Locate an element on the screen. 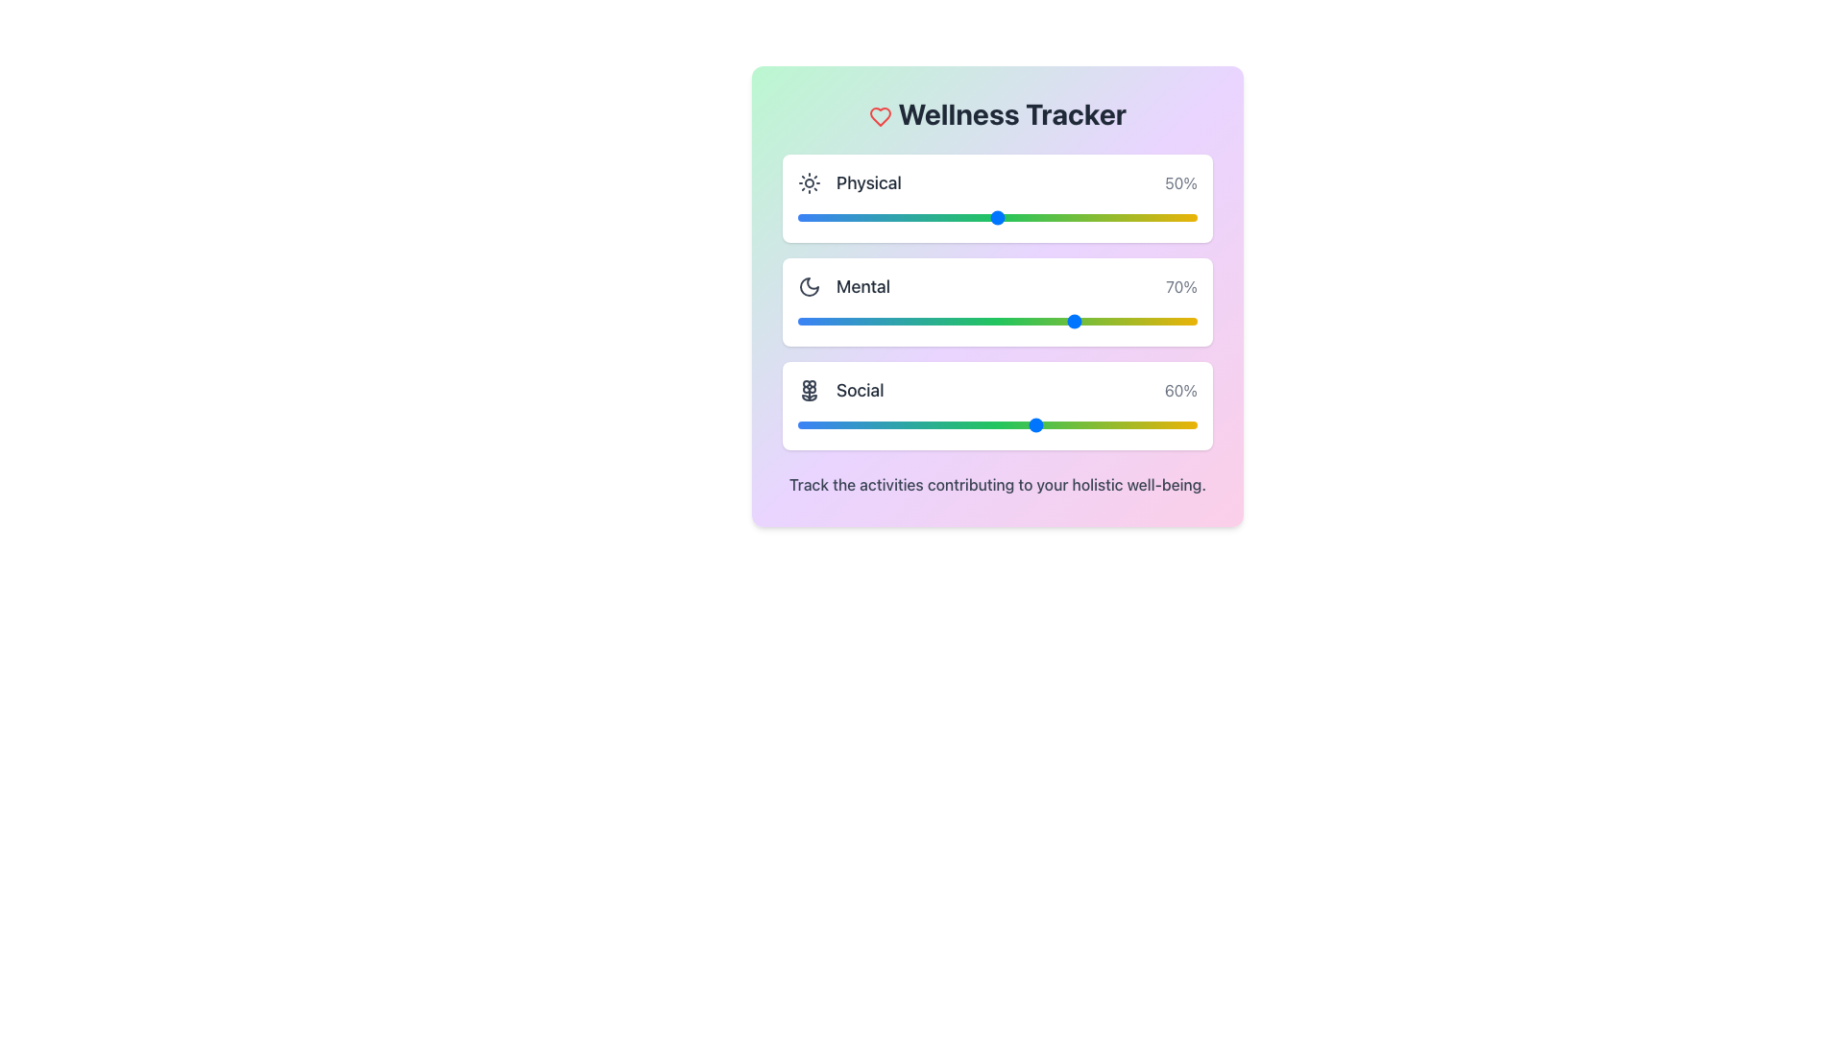 The height and width of the screenshot is (1037, 1844). the mental health value is located at coordinates (810, 321).